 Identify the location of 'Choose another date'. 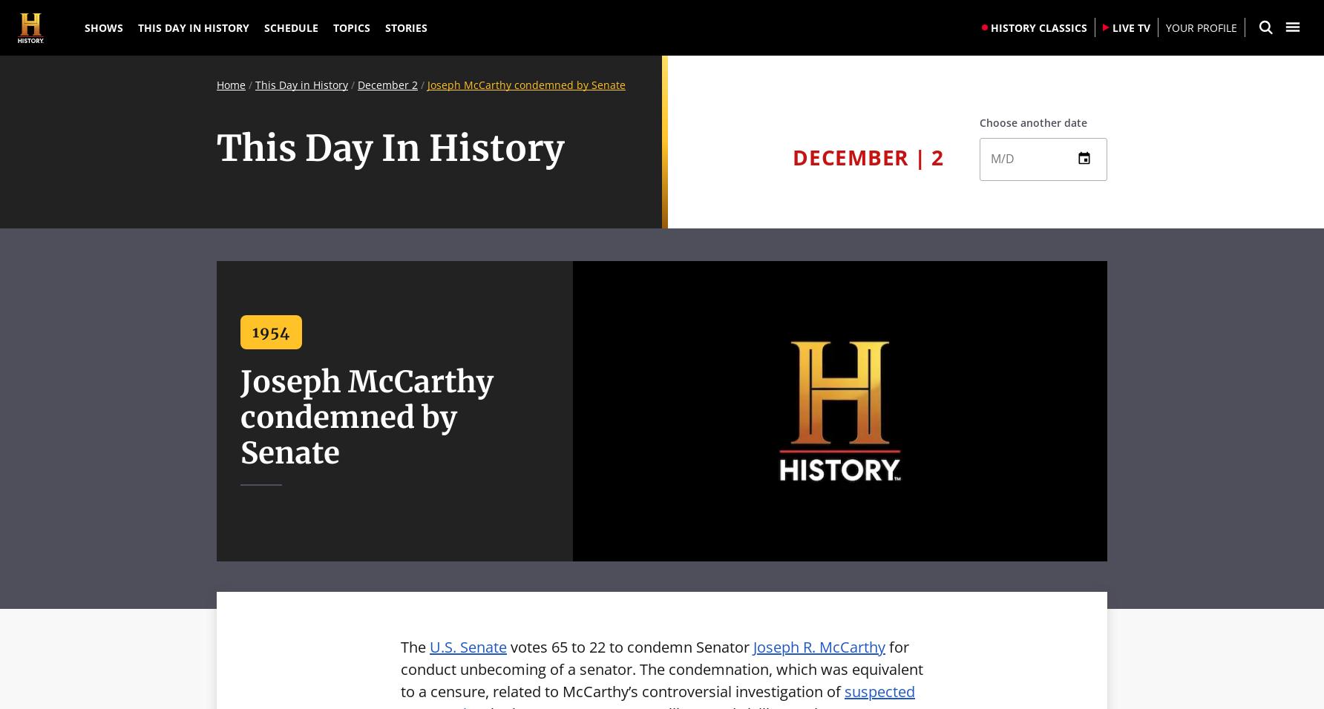
(1033, 122).